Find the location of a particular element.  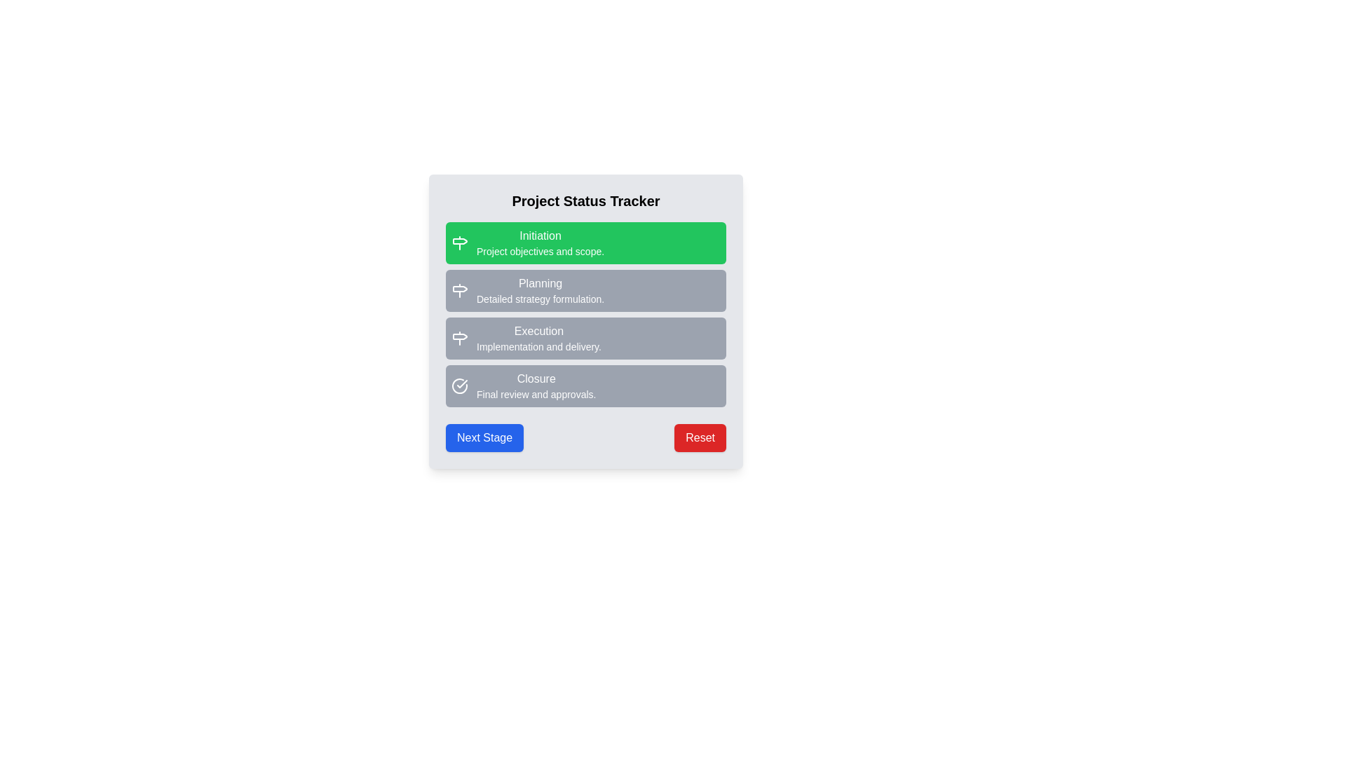

the text block displaying 'Closure' which is located in the bottom section of a vertical list of stages, positioned above the buttons 'Next Stage' and 'Reset' is located at coordinates (536, 386).